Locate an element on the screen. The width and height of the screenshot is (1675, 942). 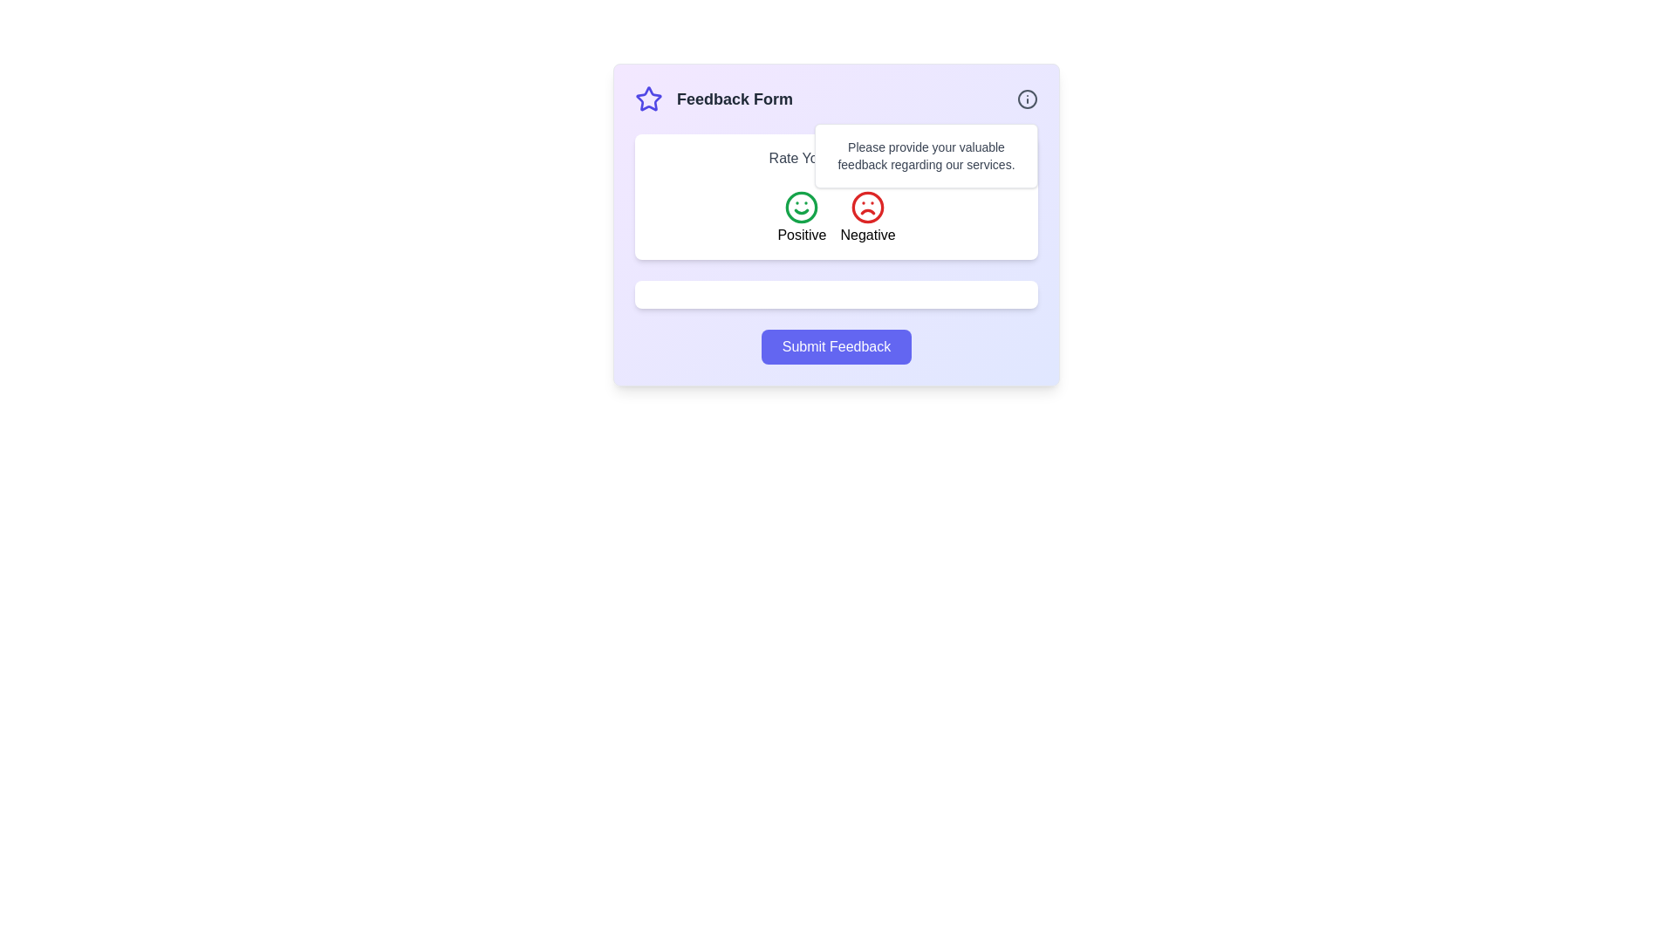
the green smiley face button labeled 'Positive' in the feedback form is located at coordinates (801, 217).